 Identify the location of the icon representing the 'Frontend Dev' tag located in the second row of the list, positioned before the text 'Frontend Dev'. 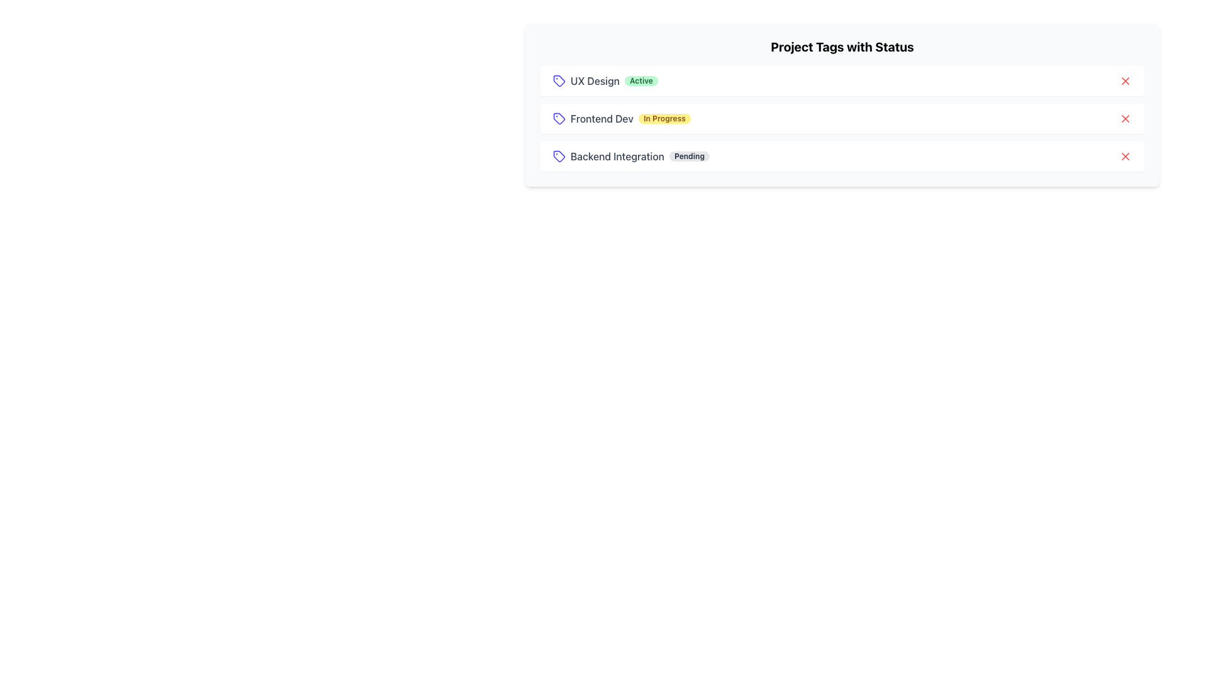
(558, 119).